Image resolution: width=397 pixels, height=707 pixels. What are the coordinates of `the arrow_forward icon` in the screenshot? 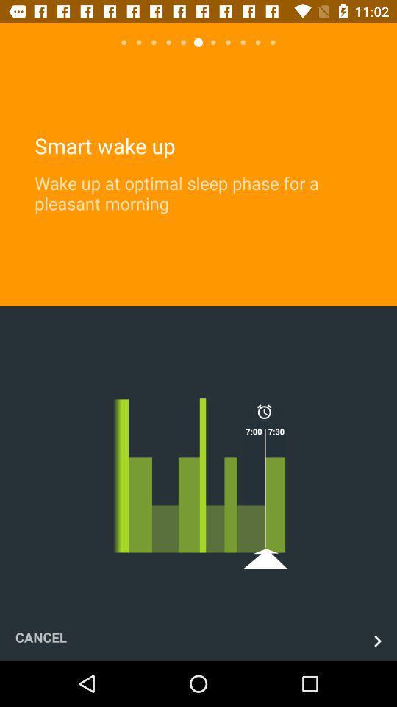 It's located at (377, 640).